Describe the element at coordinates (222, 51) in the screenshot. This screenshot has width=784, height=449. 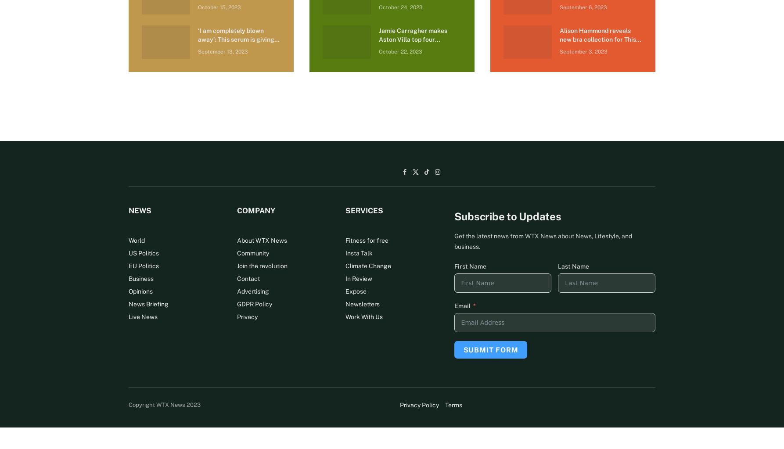
I see `'September 13, 2023'` at that location.